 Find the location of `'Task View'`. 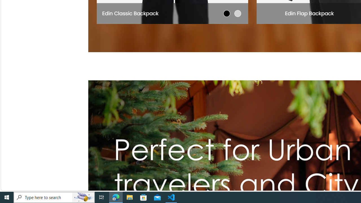

'Task View' is located at coordinates (101, 197).